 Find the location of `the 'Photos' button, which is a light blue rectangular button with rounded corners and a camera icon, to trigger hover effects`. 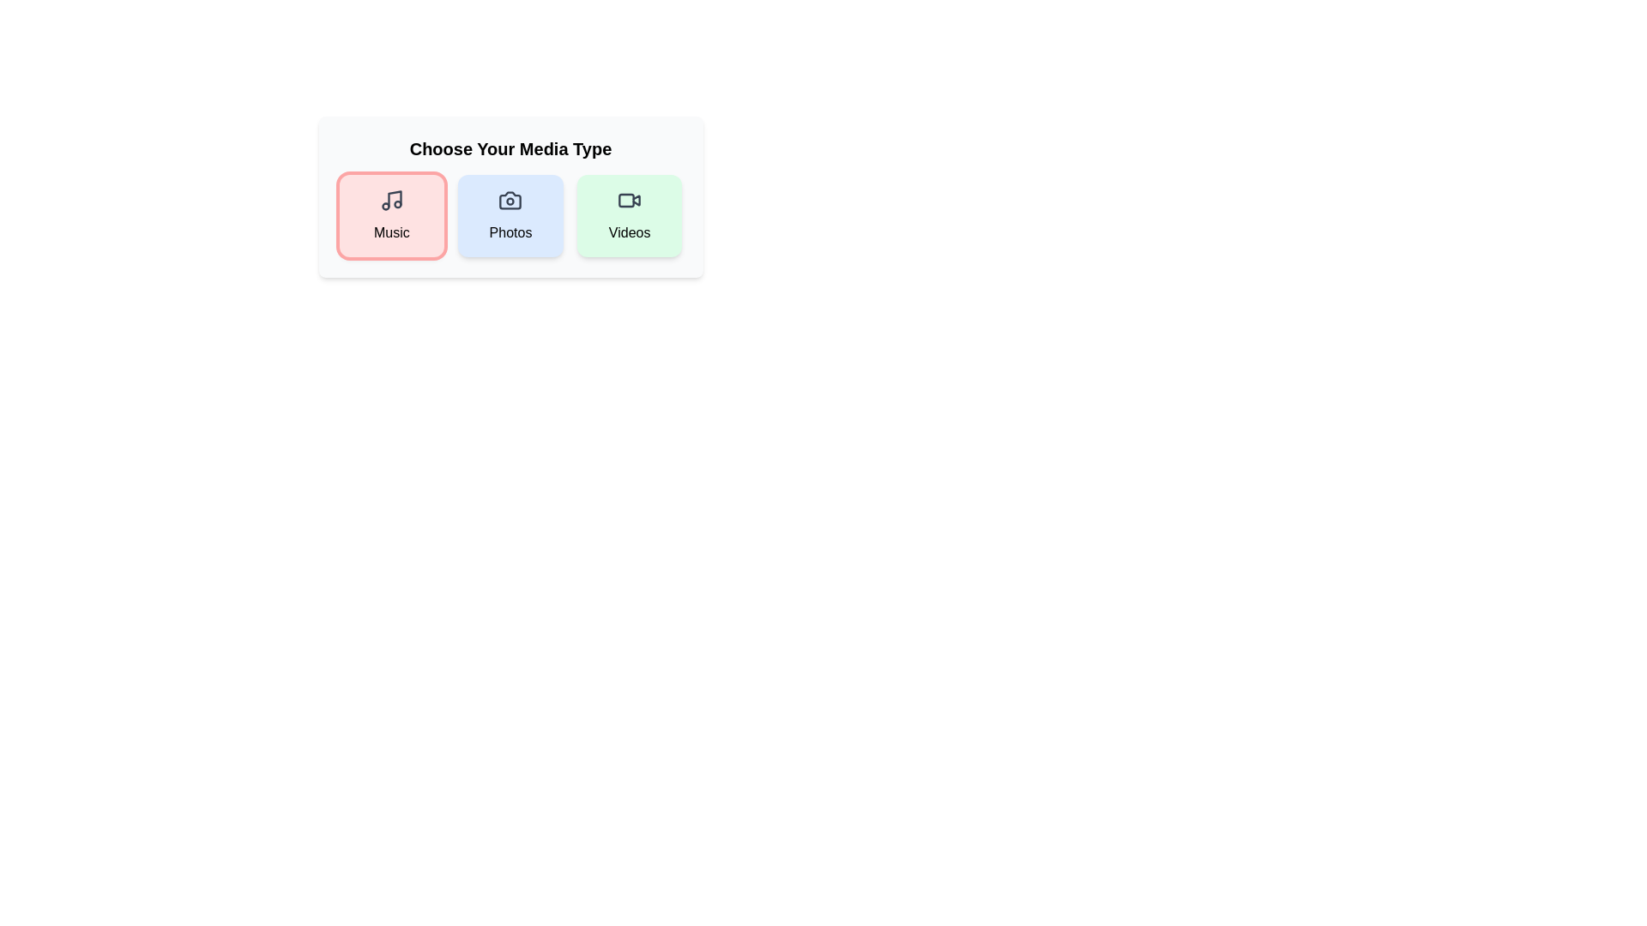

the 'Photos' button, which is a light blue rectangular button with rounded corners and a camera icon, to trigger hover effects is located at coordinates (510, 214).